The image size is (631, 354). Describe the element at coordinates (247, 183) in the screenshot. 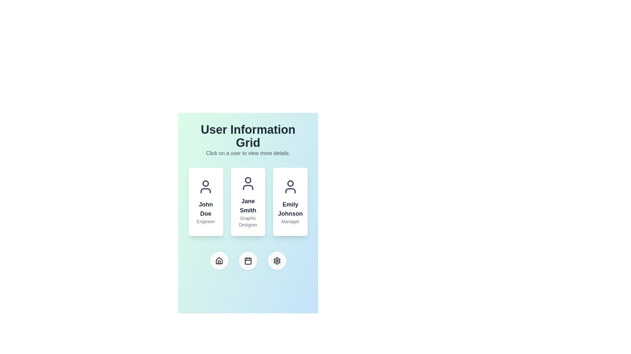

I see `the Profile Icon representing 'Jane Smith' located at the top center of her card, which is the middle card in a row of three` at that location.